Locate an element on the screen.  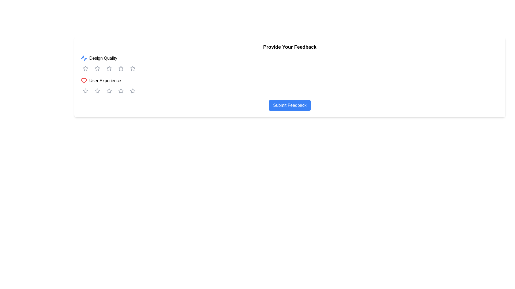
the first star in the row of five rating stars is located at coordinates (85, 68).